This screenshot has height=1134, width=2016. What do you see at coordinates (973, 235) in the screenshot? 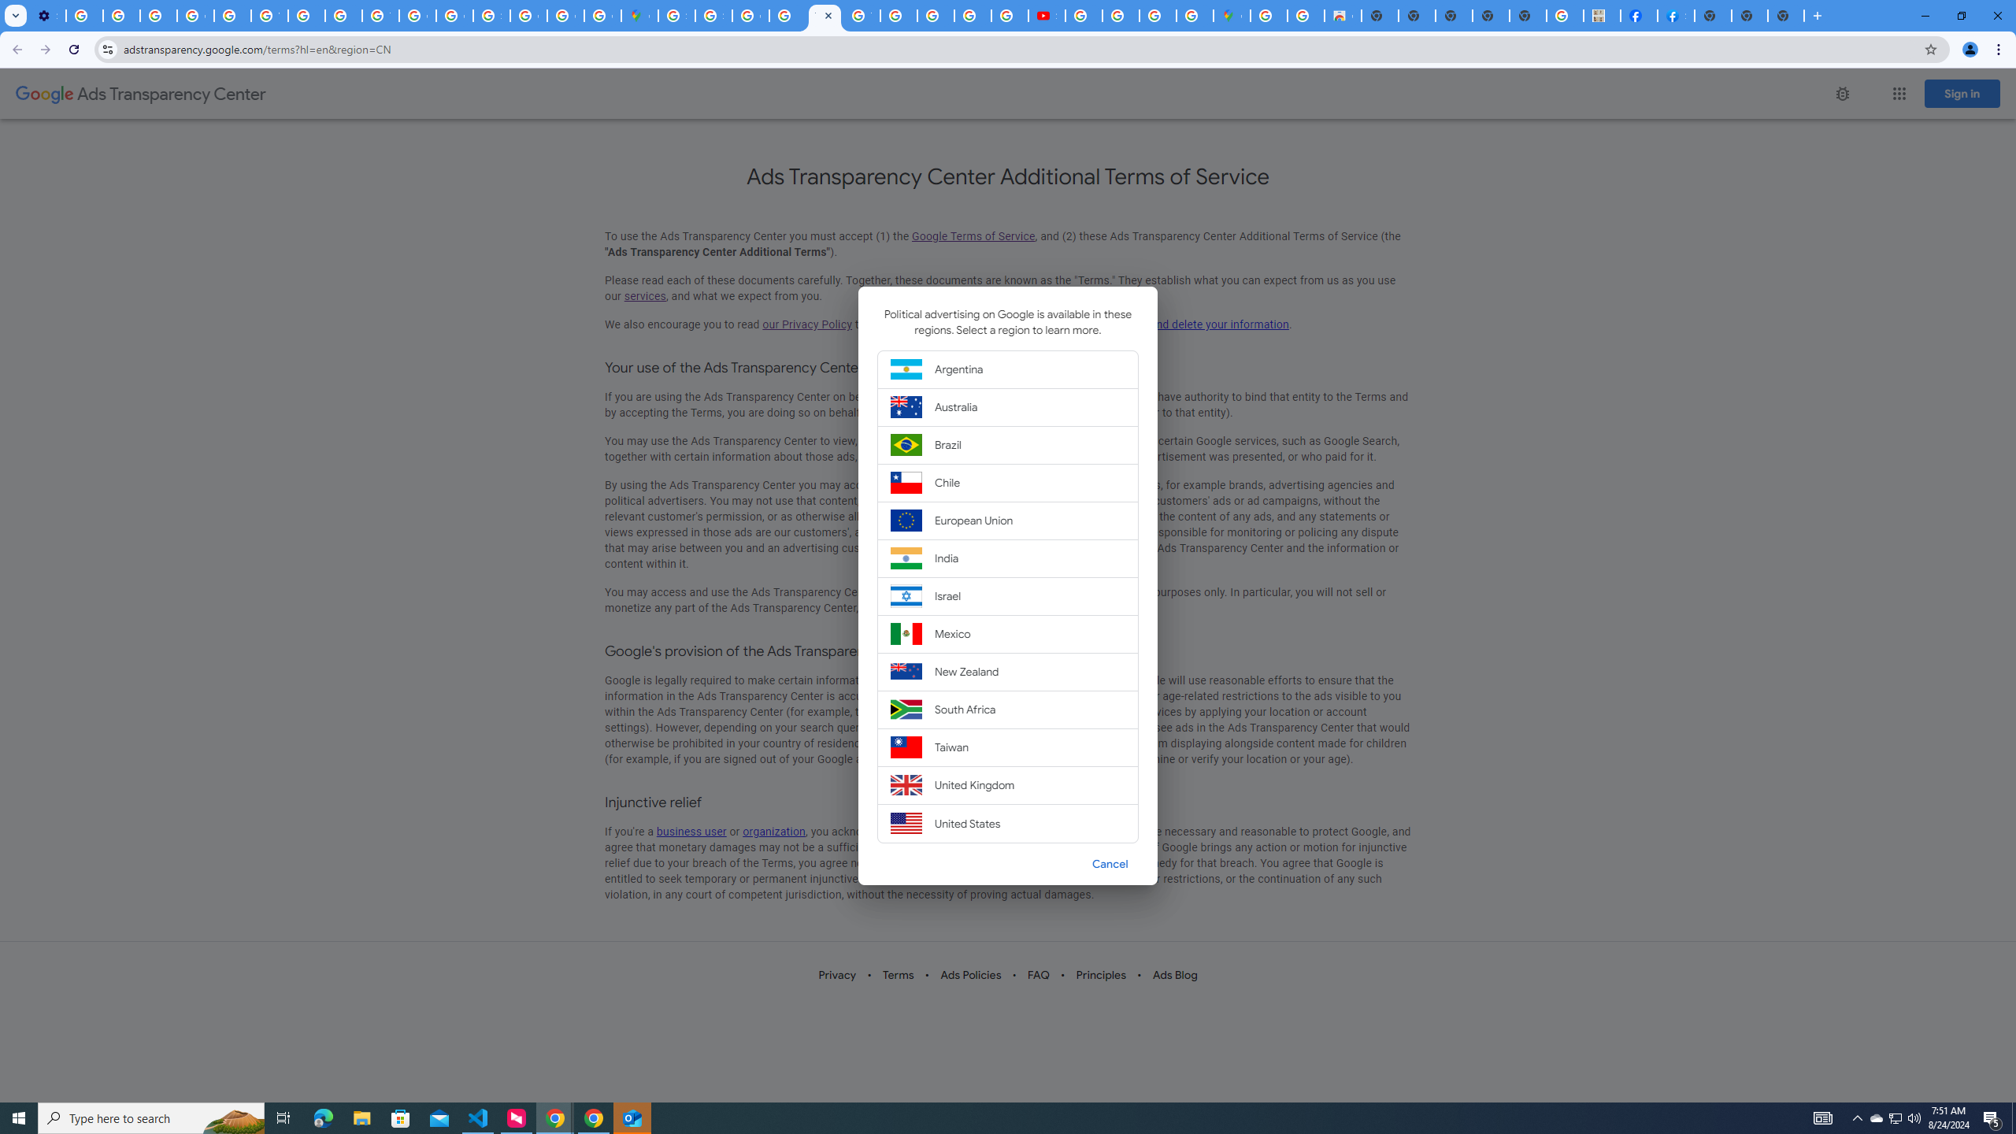
I see `'Google Terms of Service'` at bounding box center [973, 235].